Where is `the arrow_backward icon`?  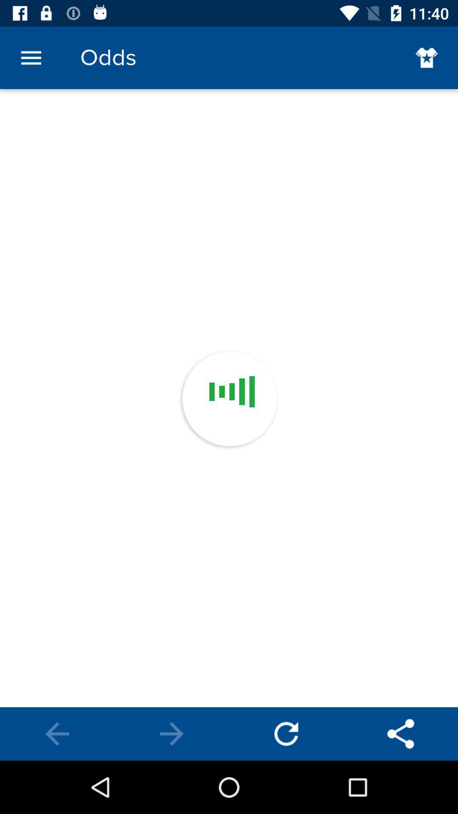
the arrow_backward icon is located at coordinates (57, 733).